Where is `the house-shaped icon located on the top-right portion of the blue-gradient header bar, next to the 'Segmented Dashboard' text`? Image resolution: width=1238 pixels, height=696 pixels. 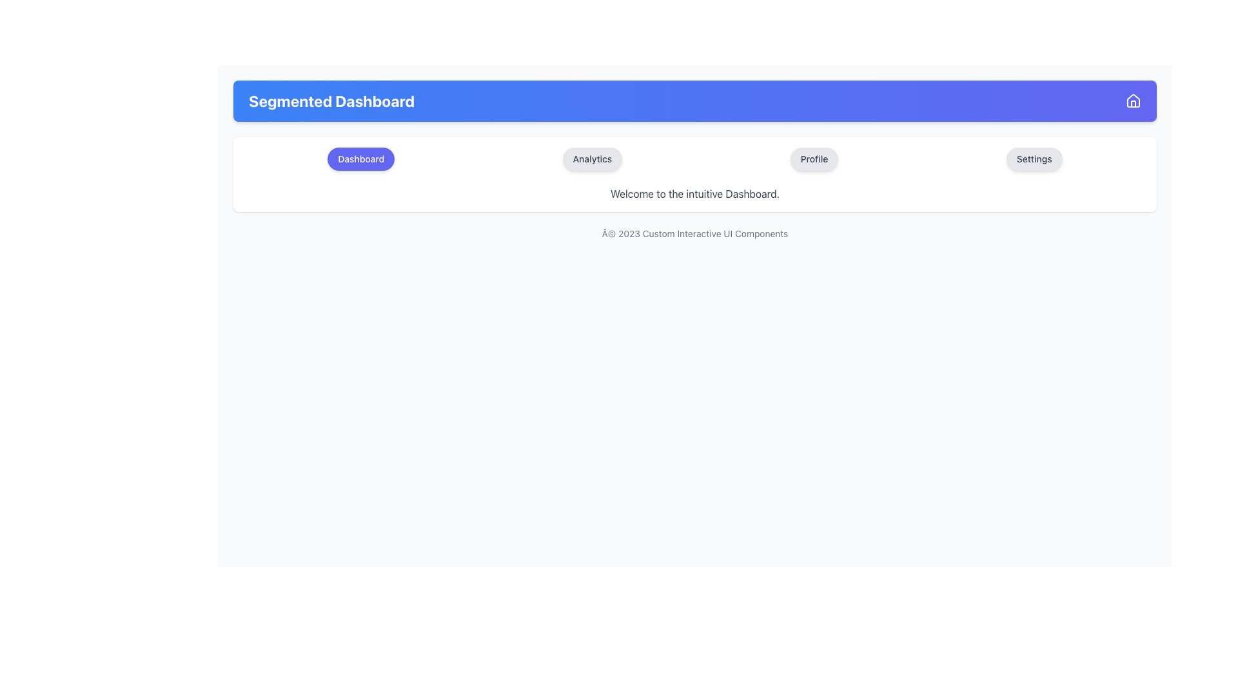 the house-shaped icon located on the top-right portion of the blue-gradient header bar, next to the 'Segmented Dashboard' text is located at coordinates (1132, 101).